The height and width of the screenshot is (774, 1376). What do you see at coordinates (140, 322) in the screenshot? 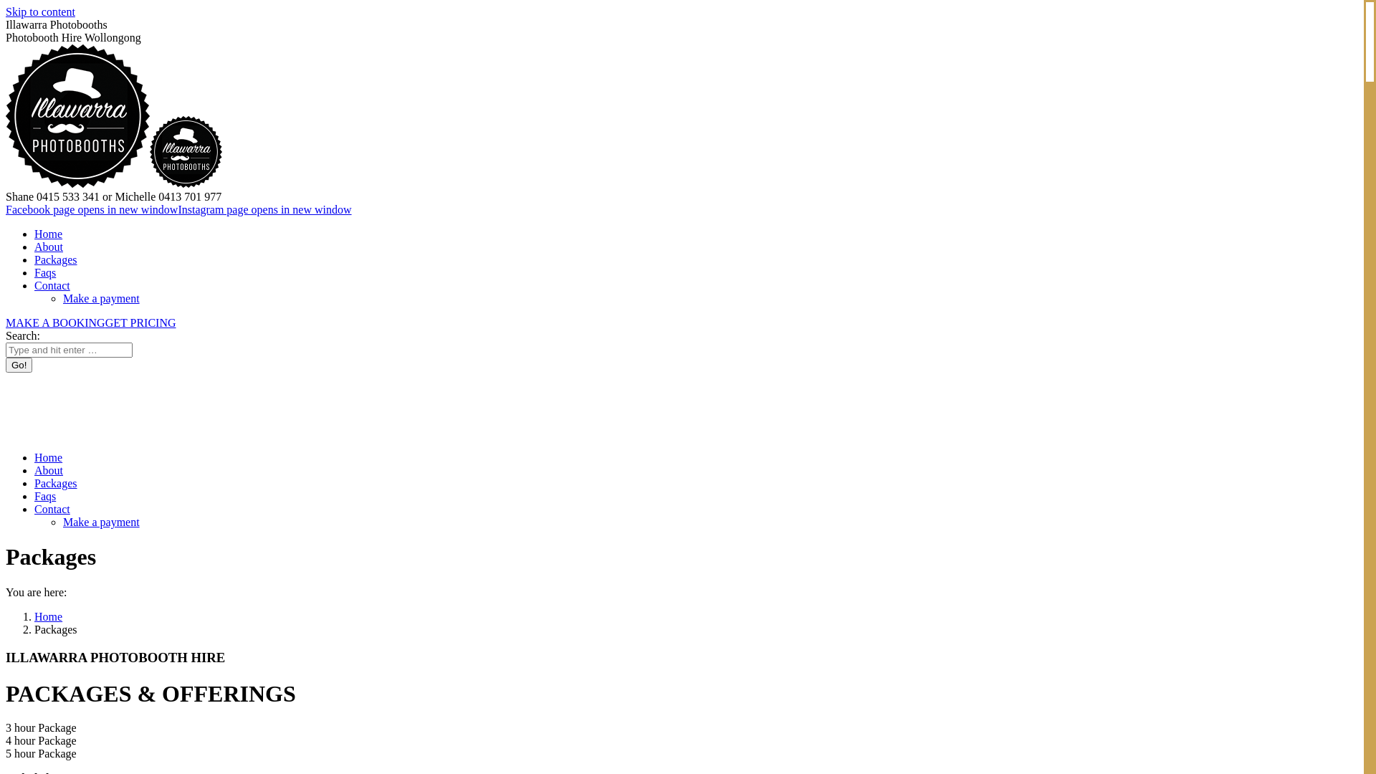
I see `'GET PRICING'` at bounding box center [140, 322].